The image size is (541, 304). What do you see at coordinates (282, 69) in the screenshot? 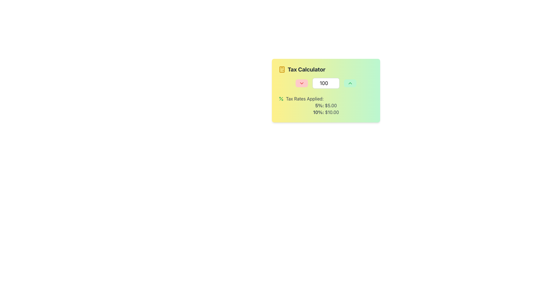
I see `the yellow rectangular box with rounded corners that represents the body of the calculator icon in the top-left corner of the 'Tax Calculator' card` at bounding box center [282, 69].